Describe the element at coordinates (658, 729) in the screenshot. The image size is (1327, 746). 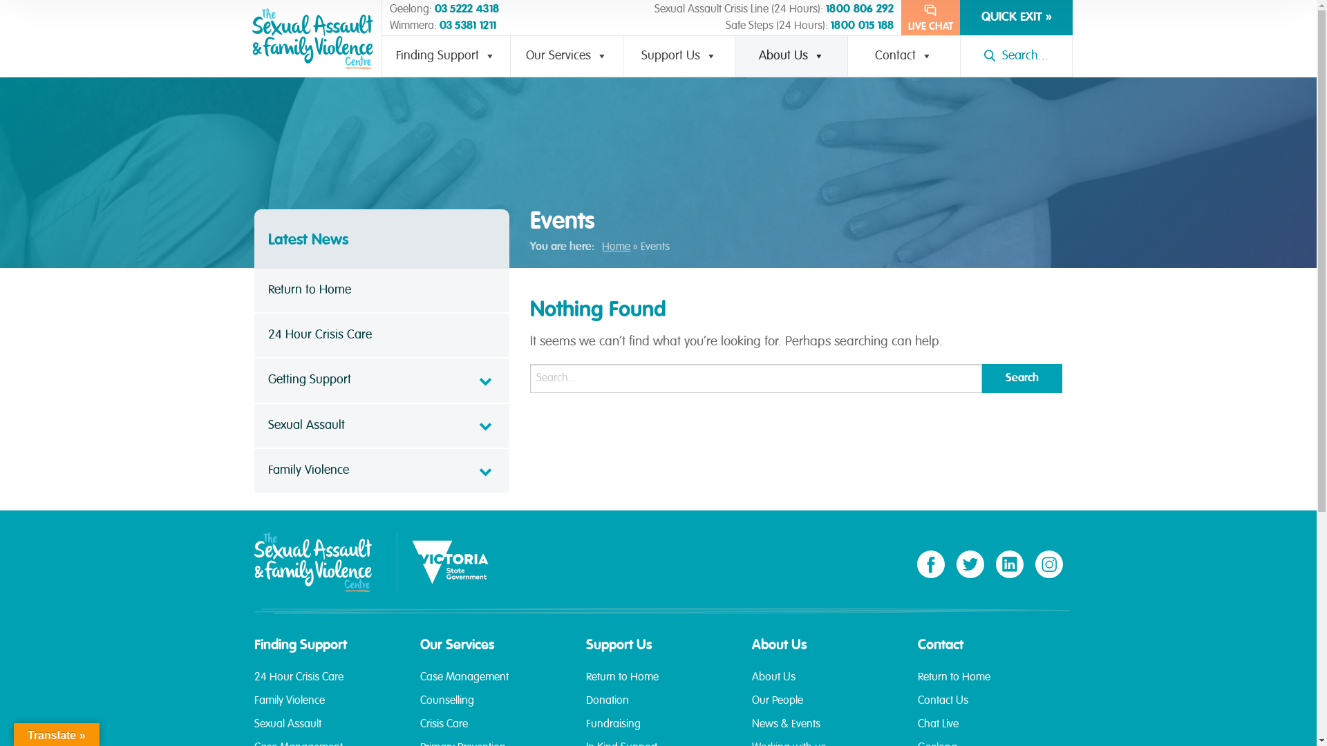
I see `'Fundraising'` at that location.